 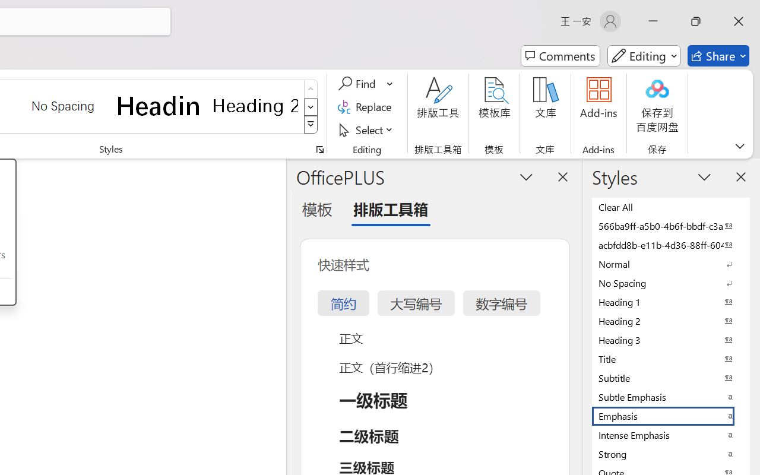 I want to click on 'Heading 3', so click(x=671, y=339).